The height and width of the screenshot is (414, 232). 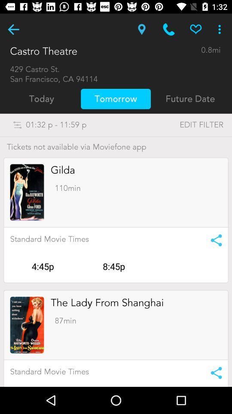 What do you see at coordinates (213, 372) in the screenshot?
I see `to share` at bounding box center [213, 372].